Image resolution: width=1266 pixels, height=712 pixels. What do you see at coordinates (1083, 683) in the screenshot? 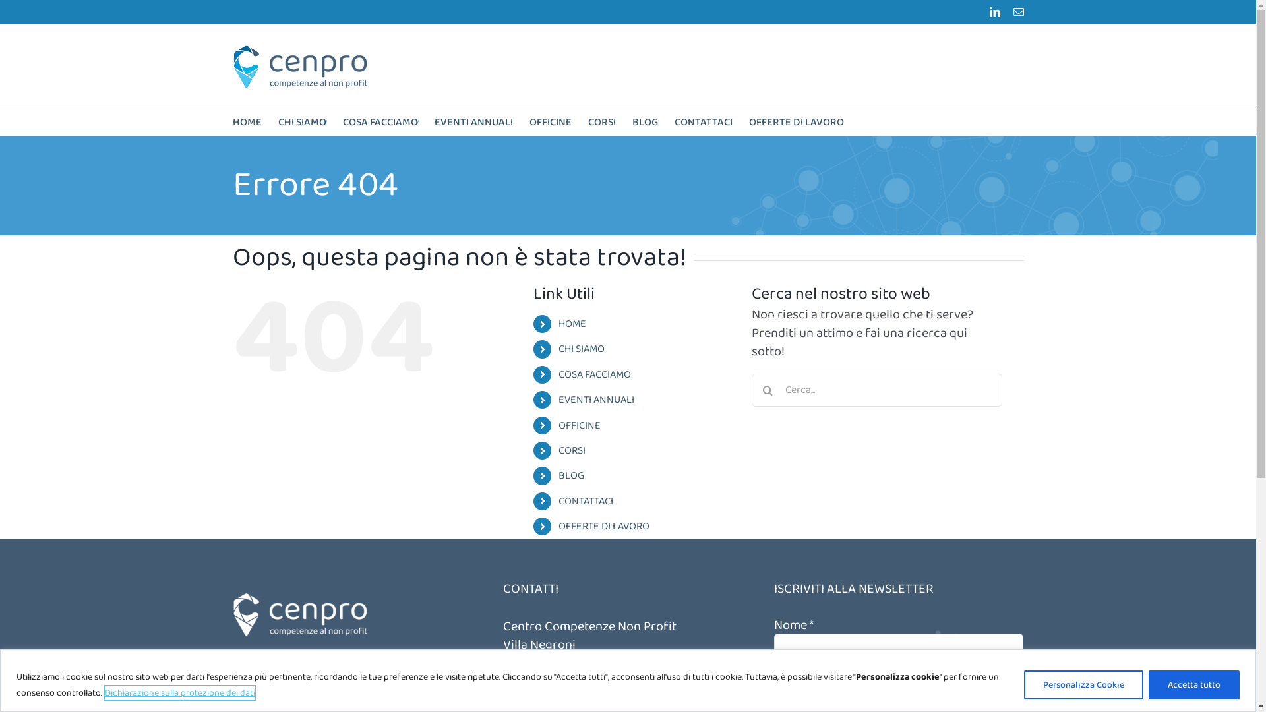
I see `'Personalizza Cookie'` at bounding box center [1083, 683].